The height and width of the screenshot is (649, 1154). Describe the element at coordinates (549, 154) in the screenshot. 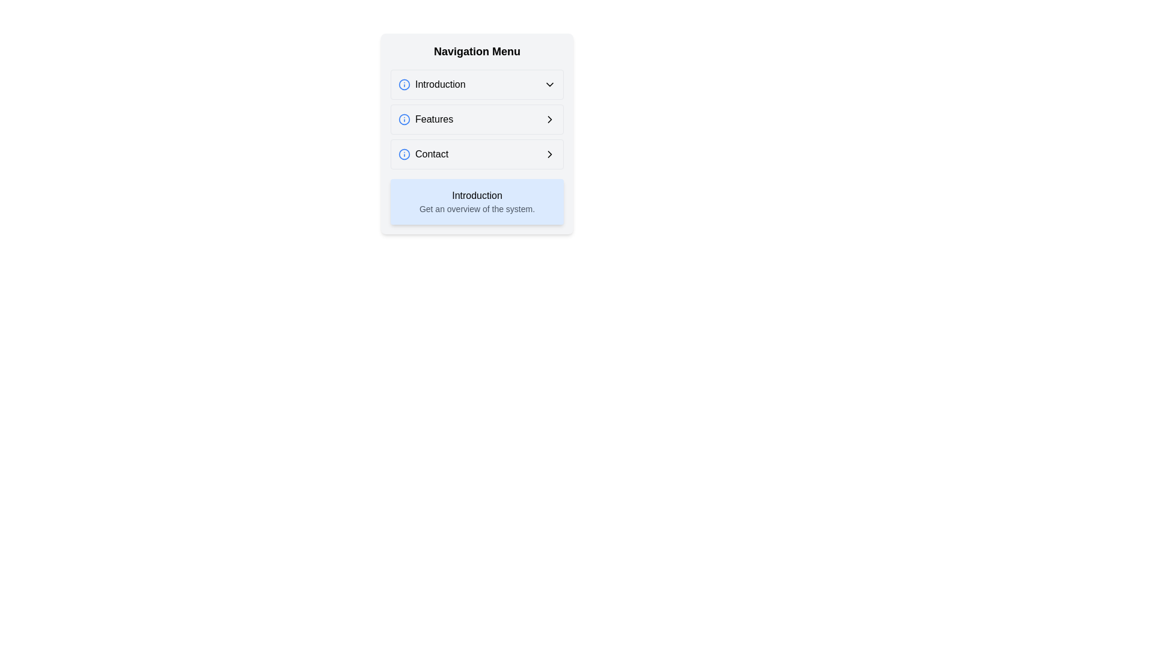

I see `the rightward-pointing chevron icon with a black outline that is located to the right of the 'Contact' text` at that location.